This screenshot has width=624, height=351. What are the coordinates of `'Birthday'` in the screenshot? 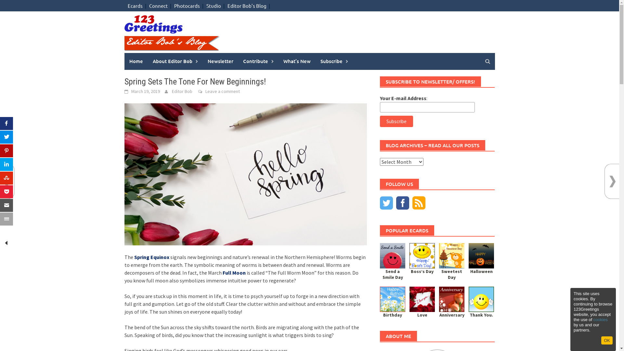 It's located at (392, 314).